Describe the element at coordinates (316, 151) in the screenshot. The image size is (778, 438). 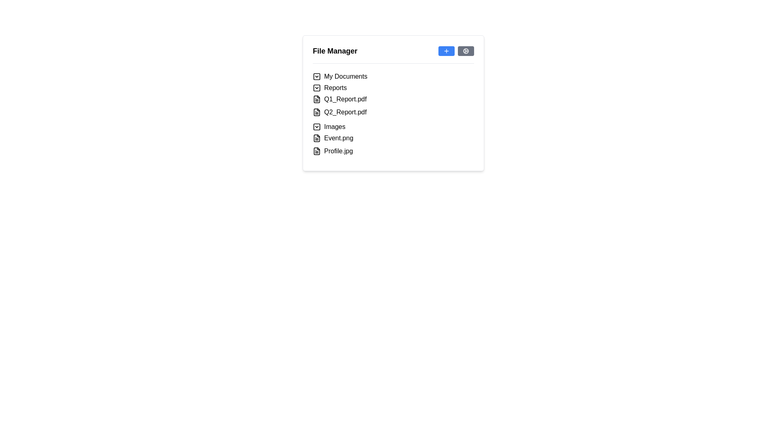
I see `the small document icon located to the left of the 'Profile.jpg' text` at that location.